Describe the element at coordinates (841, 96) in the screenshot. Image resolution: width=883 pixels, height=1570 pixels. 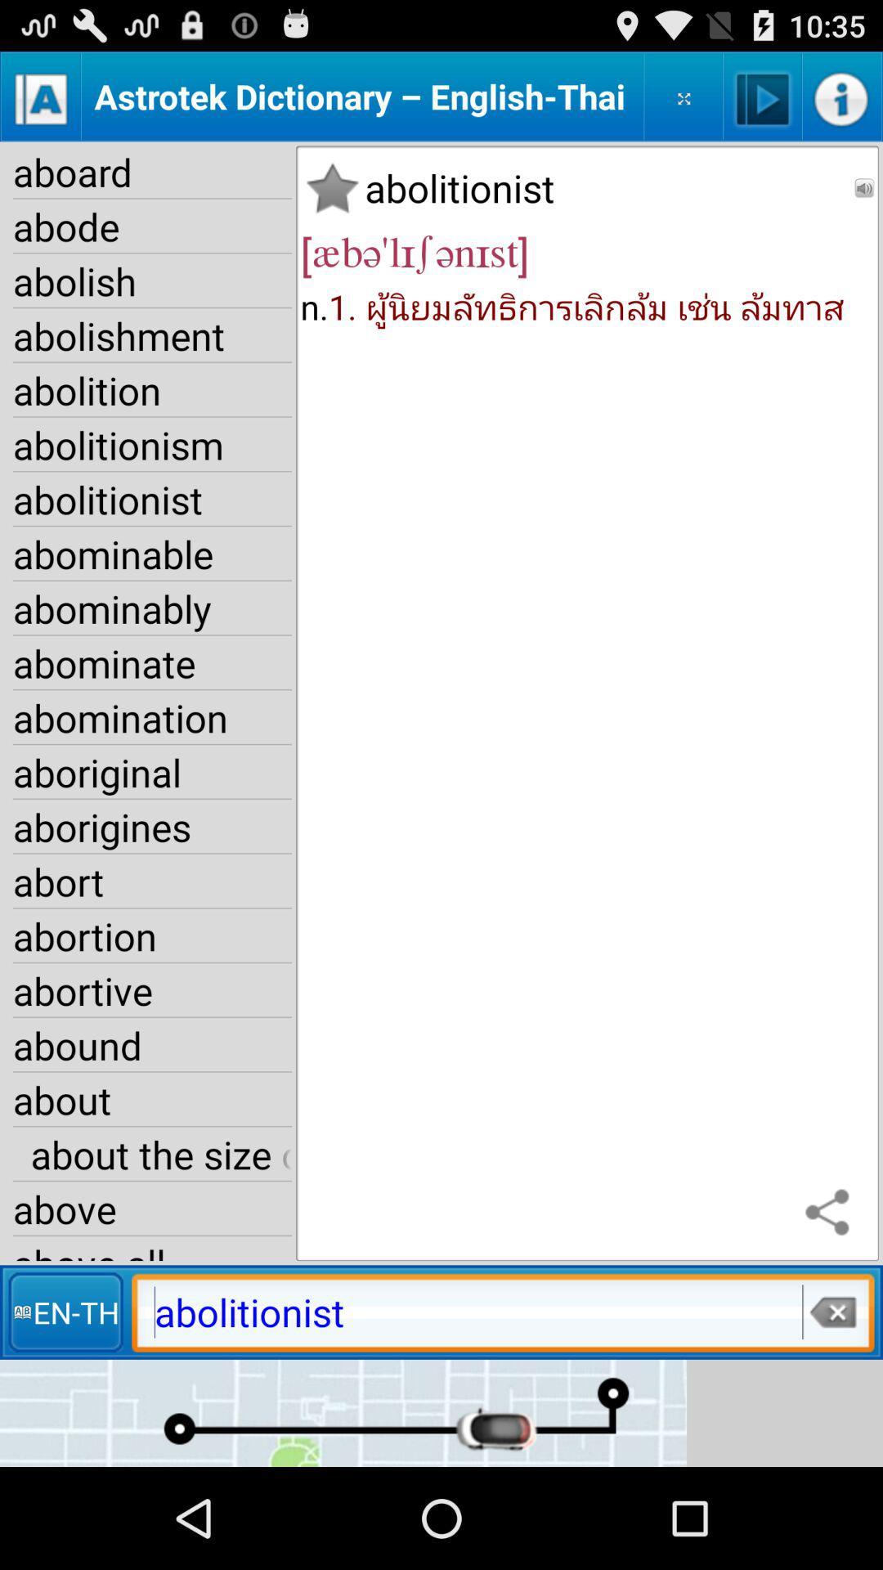
I see `information` at that location.